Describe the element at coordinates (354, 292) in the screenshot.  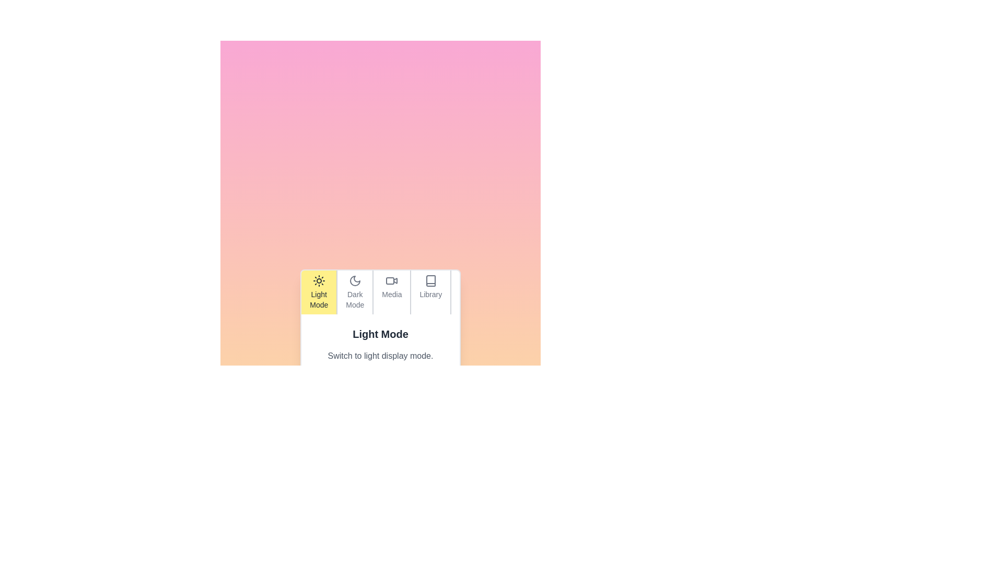
I see `the tab labeled Dark Mode` at that location.